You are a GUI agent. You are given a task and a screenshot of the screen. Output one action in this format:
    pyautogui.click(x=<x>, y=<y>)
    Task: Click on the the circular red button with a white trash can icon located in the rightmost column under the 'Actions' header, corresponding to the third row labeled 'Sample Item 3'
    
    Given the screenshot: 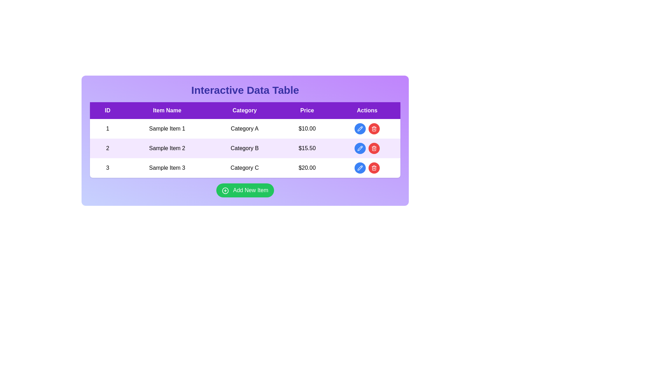 What is the action you would take?
    pyautogui.click(x=374, y=168)
    